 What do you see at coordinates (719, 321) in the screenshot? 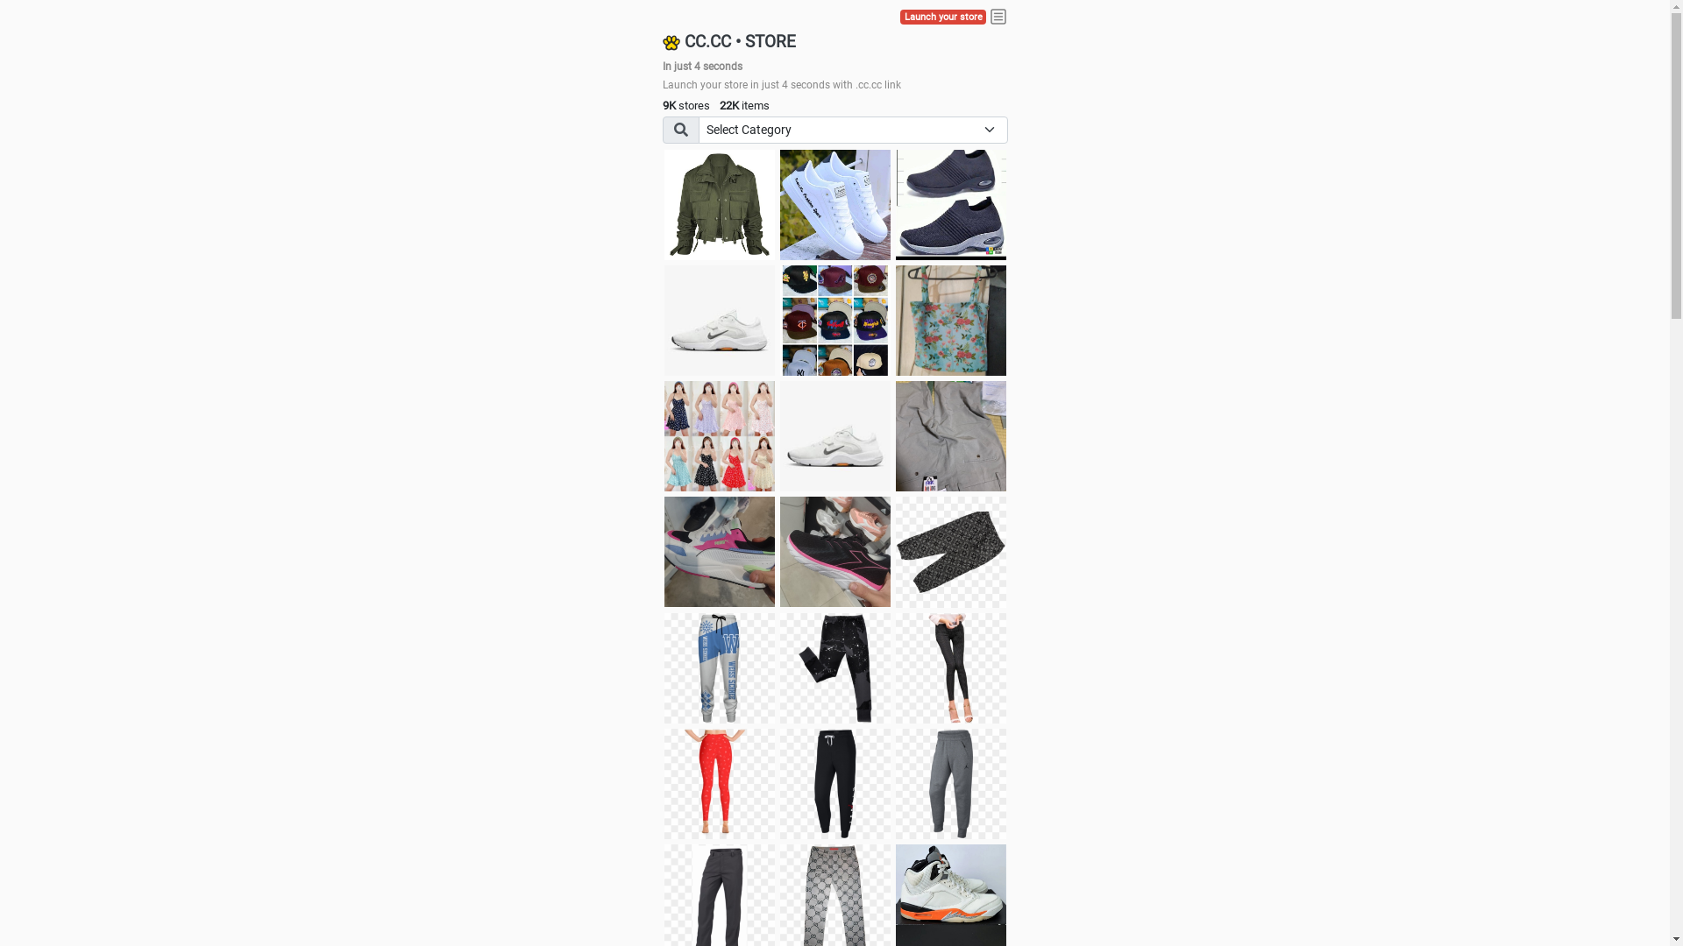
I see `'Shoes for boys'` at bounding box center [719, 321].